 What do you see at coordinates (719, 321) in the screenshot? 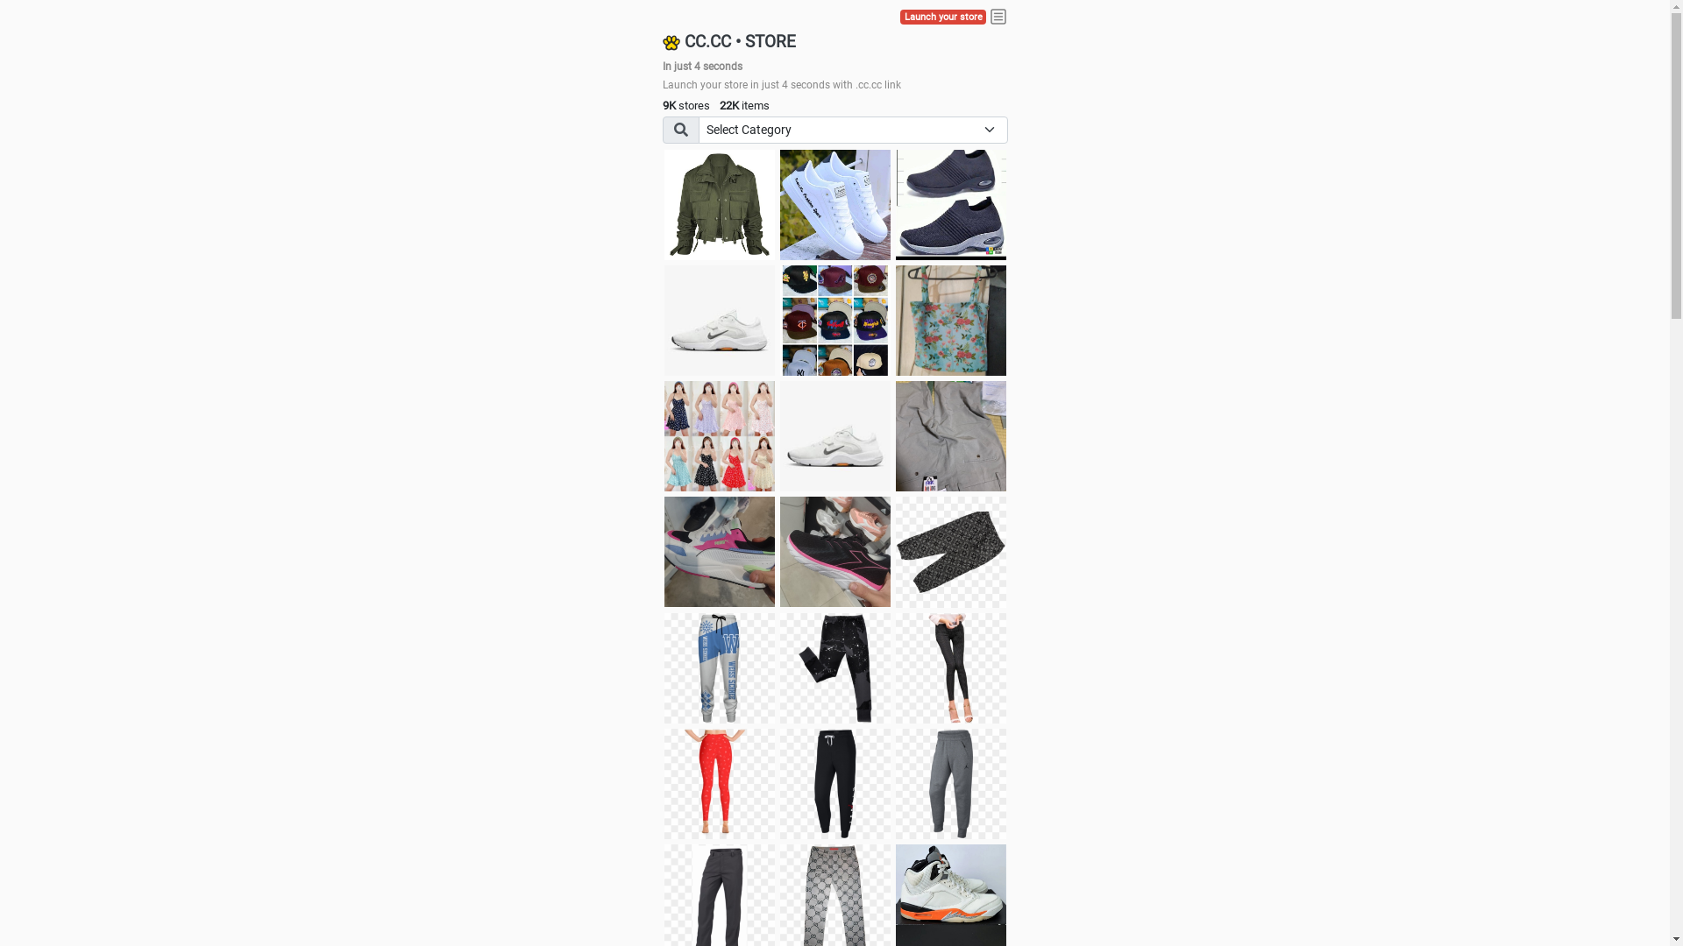
I see `'Shoes for boys'` at bounding box center [719, 321].